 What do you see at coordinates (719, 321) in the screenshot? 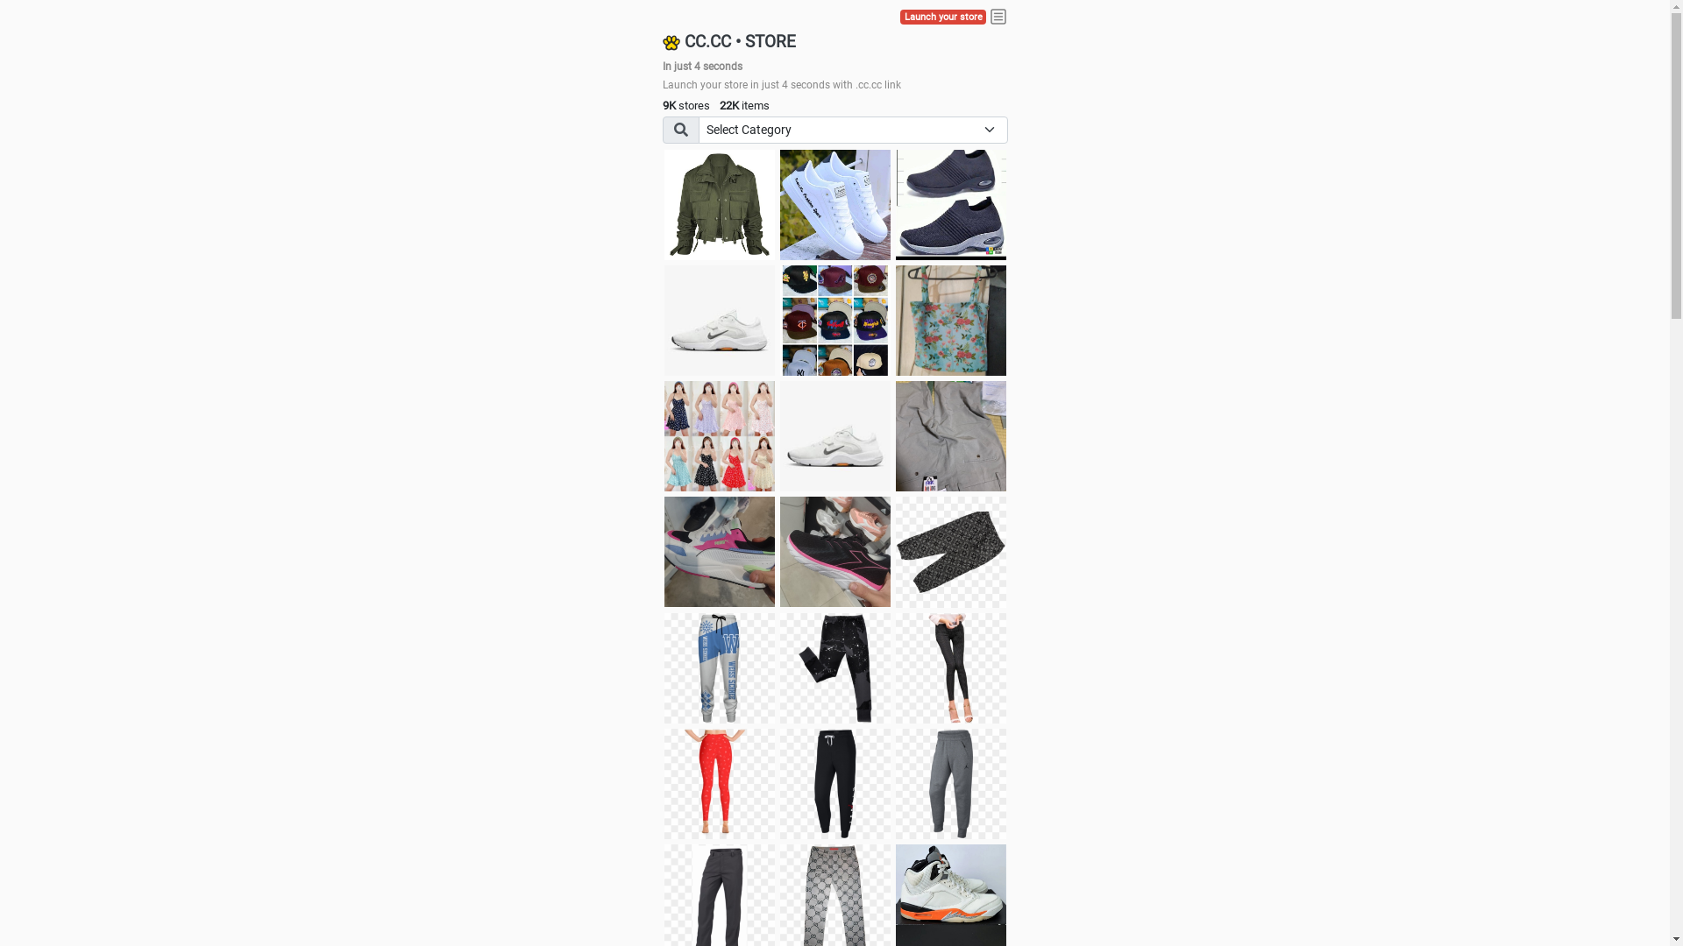
I see `'Shoes for boys'` at bounding box center [719, 321].